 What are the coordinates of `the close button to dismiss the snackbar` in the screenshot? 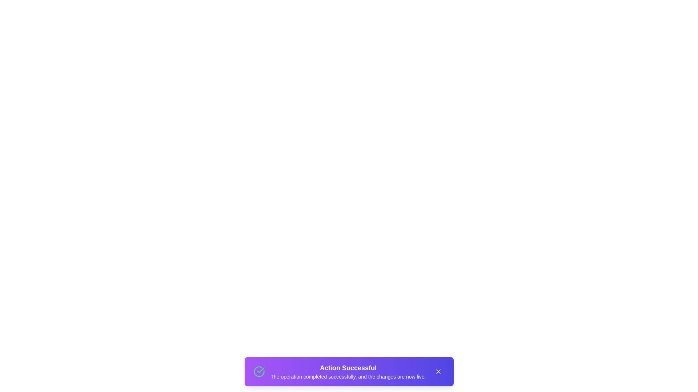 It's located at (438, 371).